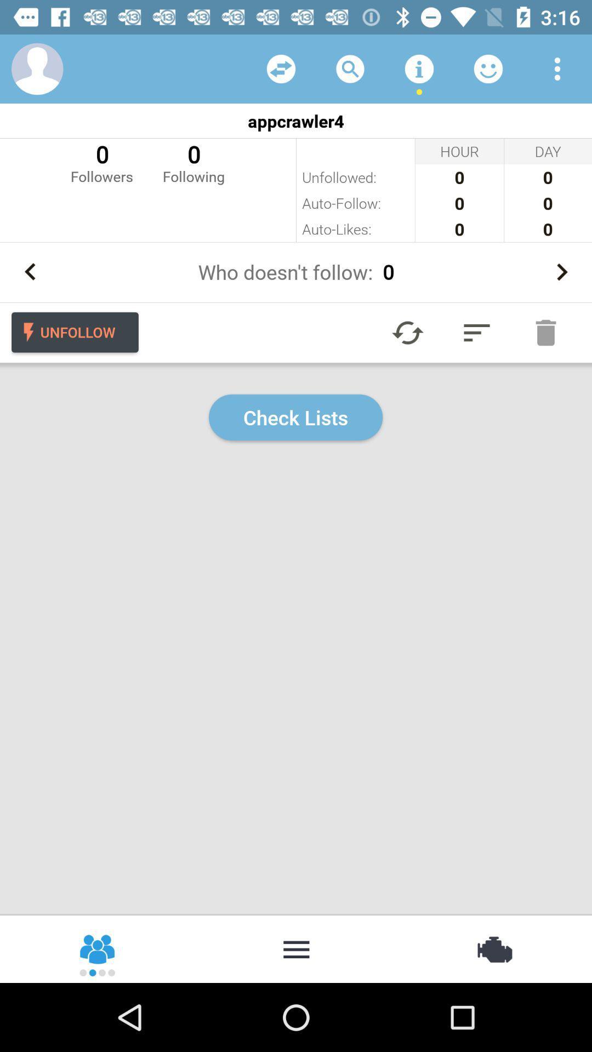 This screenshot has width=592, height=1052. I want to click on switch trash option, so click(545, 332).